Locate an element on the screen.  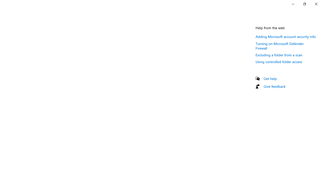
'Restore Settings' is located at coordinates (304, 4).